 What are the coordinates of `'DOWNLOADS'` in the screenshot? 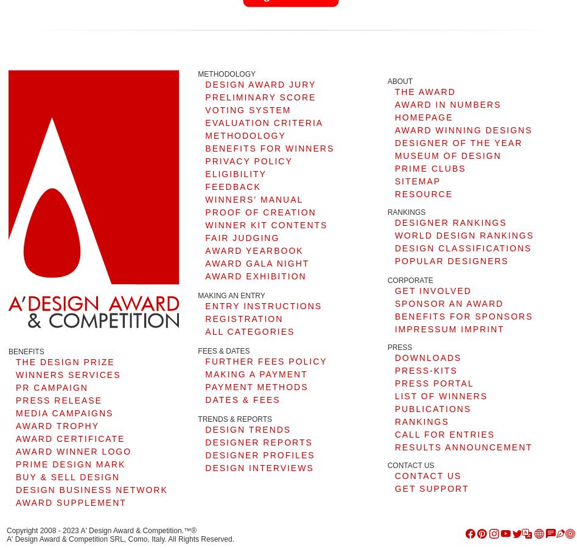 It's located at (427, 357).